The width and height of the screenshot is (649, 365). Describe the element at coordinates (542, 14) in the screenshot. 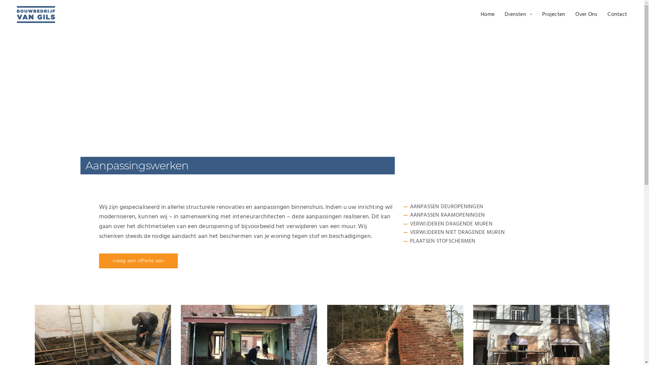

I see `'Projecten'` at that location.